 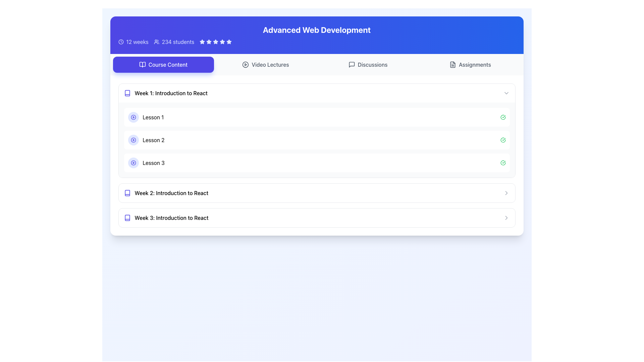 What do you see at coordinates (153, 117) in the screenshot?
I see `the lesson title text label that serves as the heading for the lesson's content in the 'Course Content' section, specifically under 'Week 1: Introduction to React'` at bounding box center [153, 117].